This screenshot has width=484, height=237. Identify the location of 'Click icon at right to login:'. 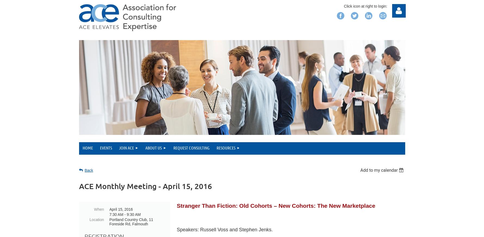
(366, 6).